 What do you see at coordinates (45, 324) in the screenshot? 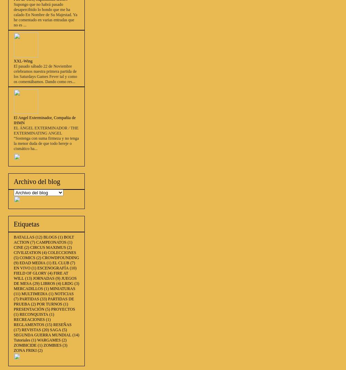
I see `'(15)'` at bounding box center [45, 324].